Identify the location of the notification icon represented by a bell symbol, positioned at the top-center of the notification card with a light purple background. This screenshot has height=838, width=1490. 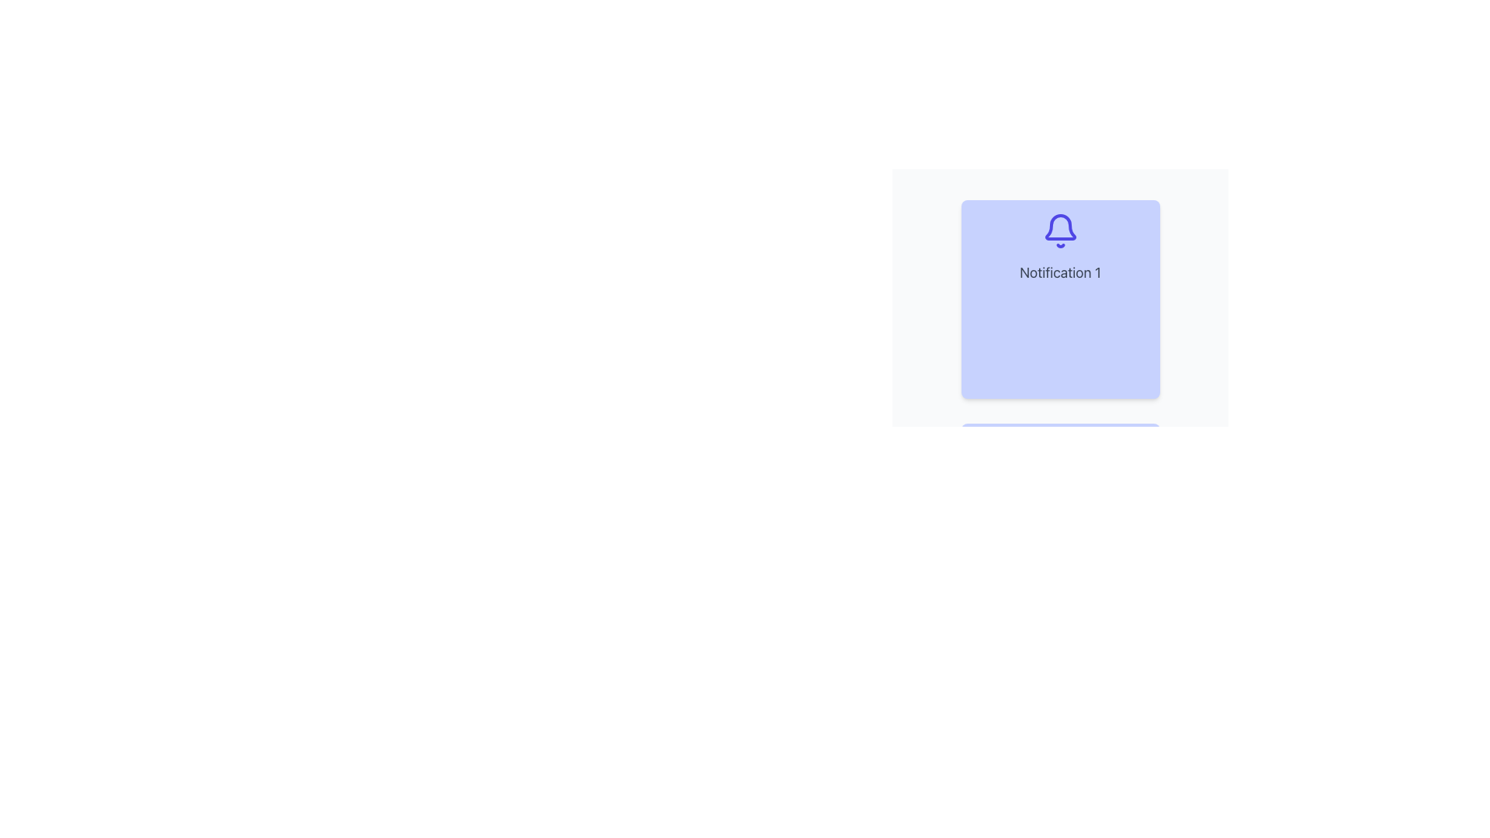
(1059, 230).